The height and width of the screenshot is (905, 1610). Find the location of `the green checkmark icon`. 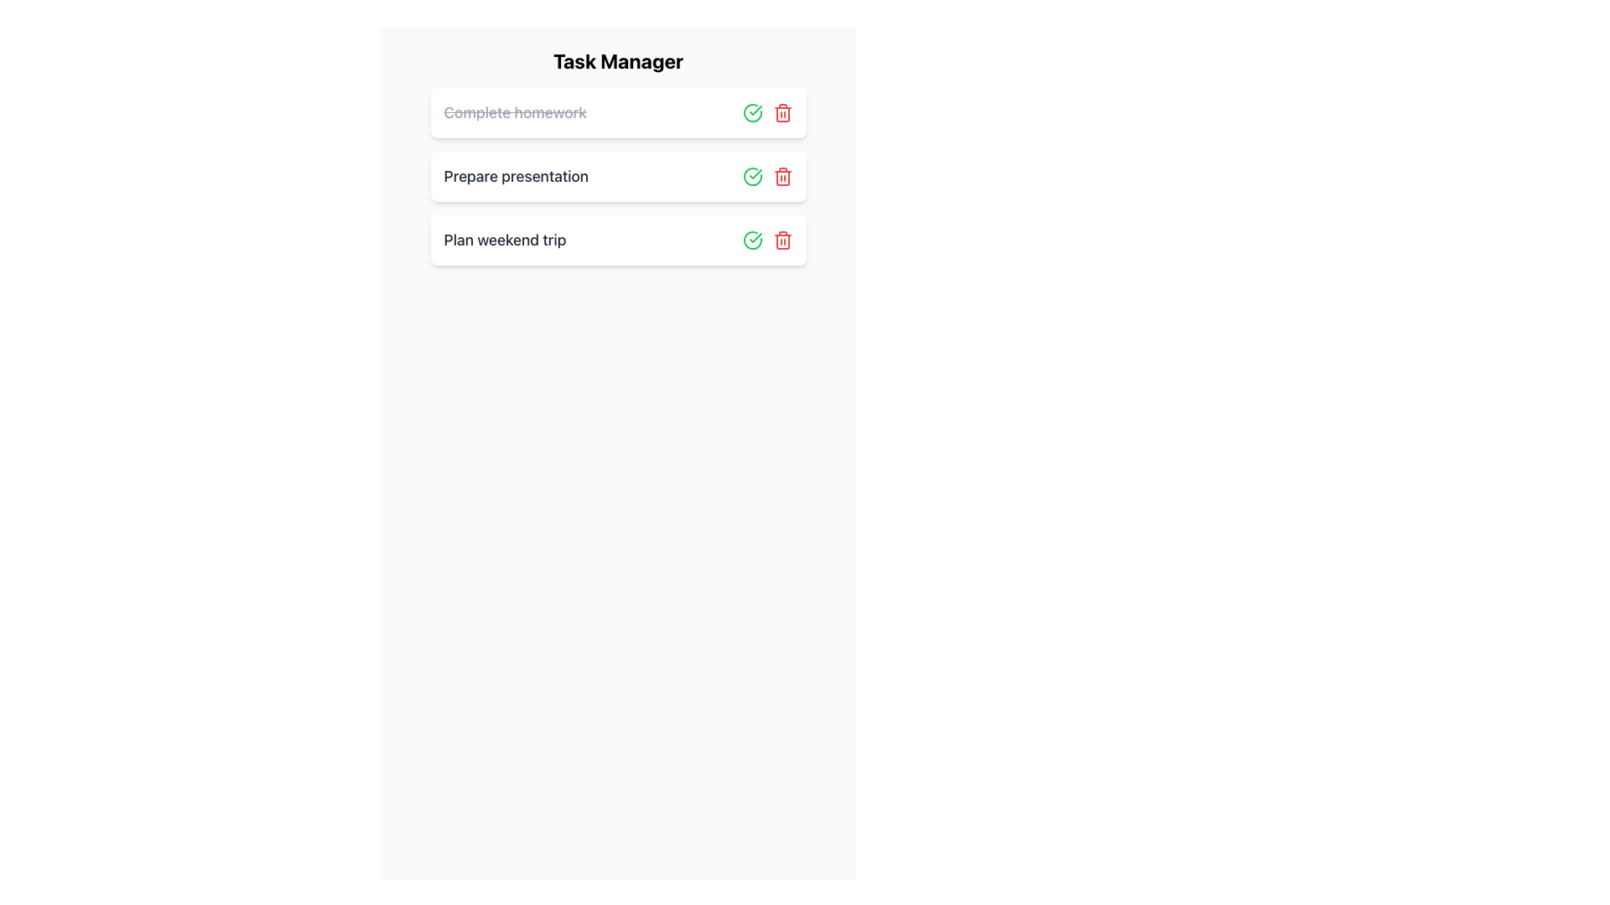

the green checkmark icon is located at coordinates (751, 177).